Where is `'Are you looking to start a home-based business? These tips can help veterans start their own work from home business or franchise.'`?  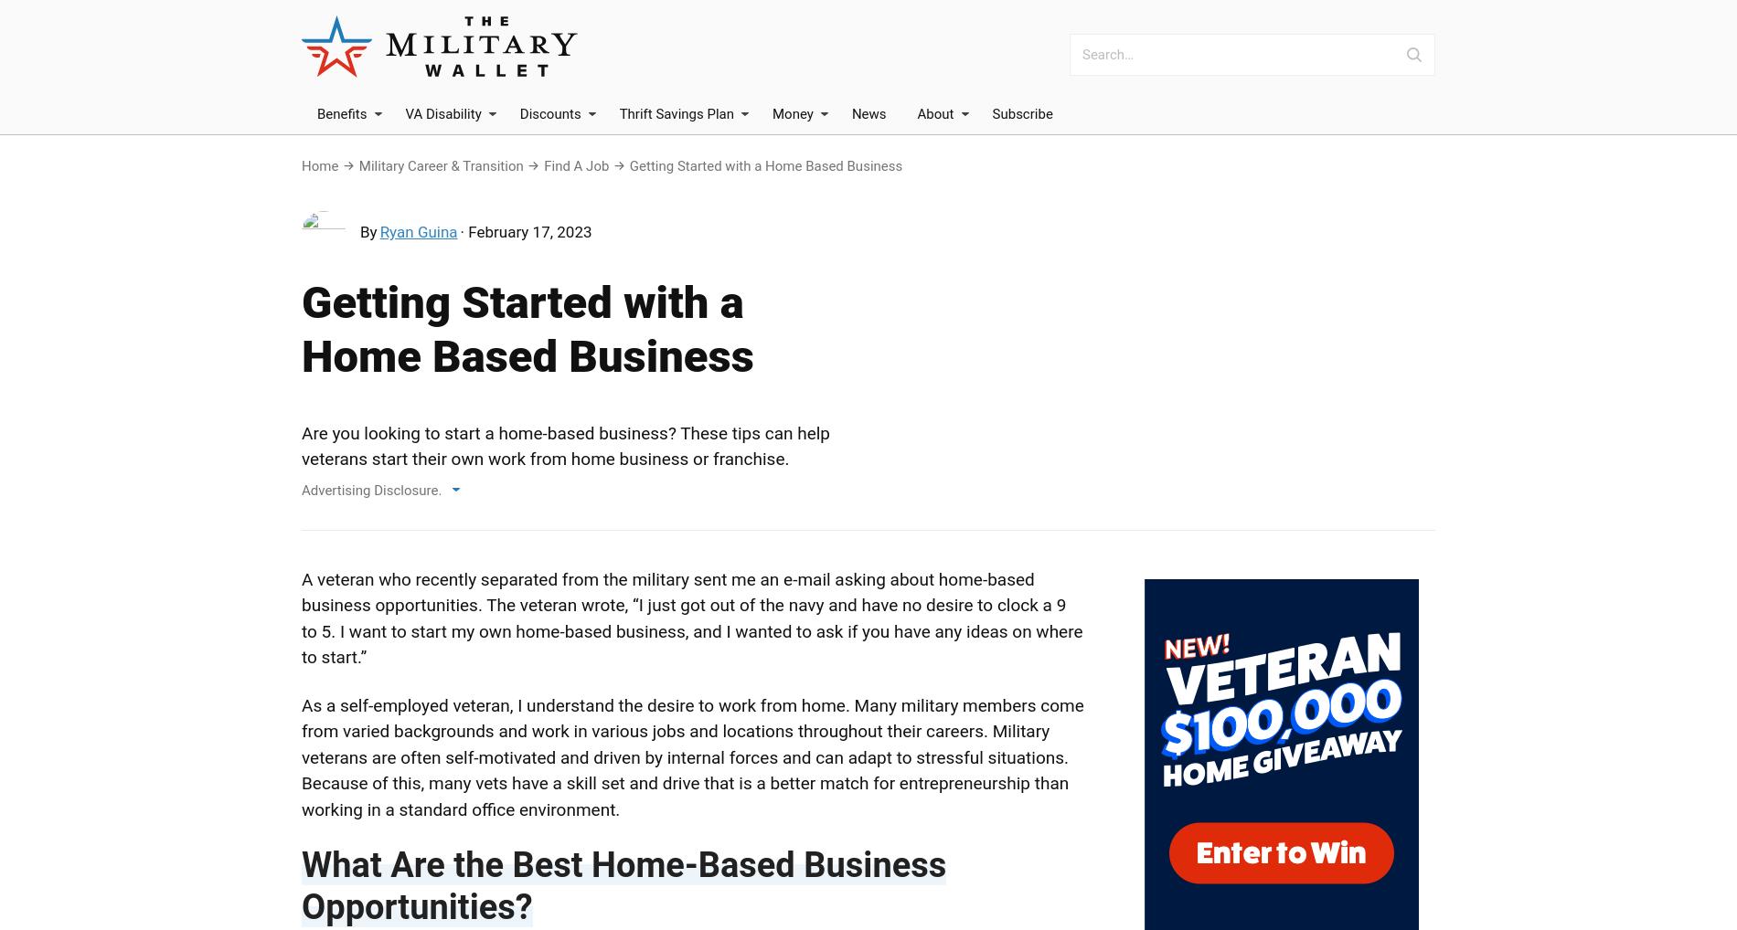 'Are you looking to start a home-based business? These tips can help veterans start their own work from home business or franchise.' is located at coordinates (566, 446).